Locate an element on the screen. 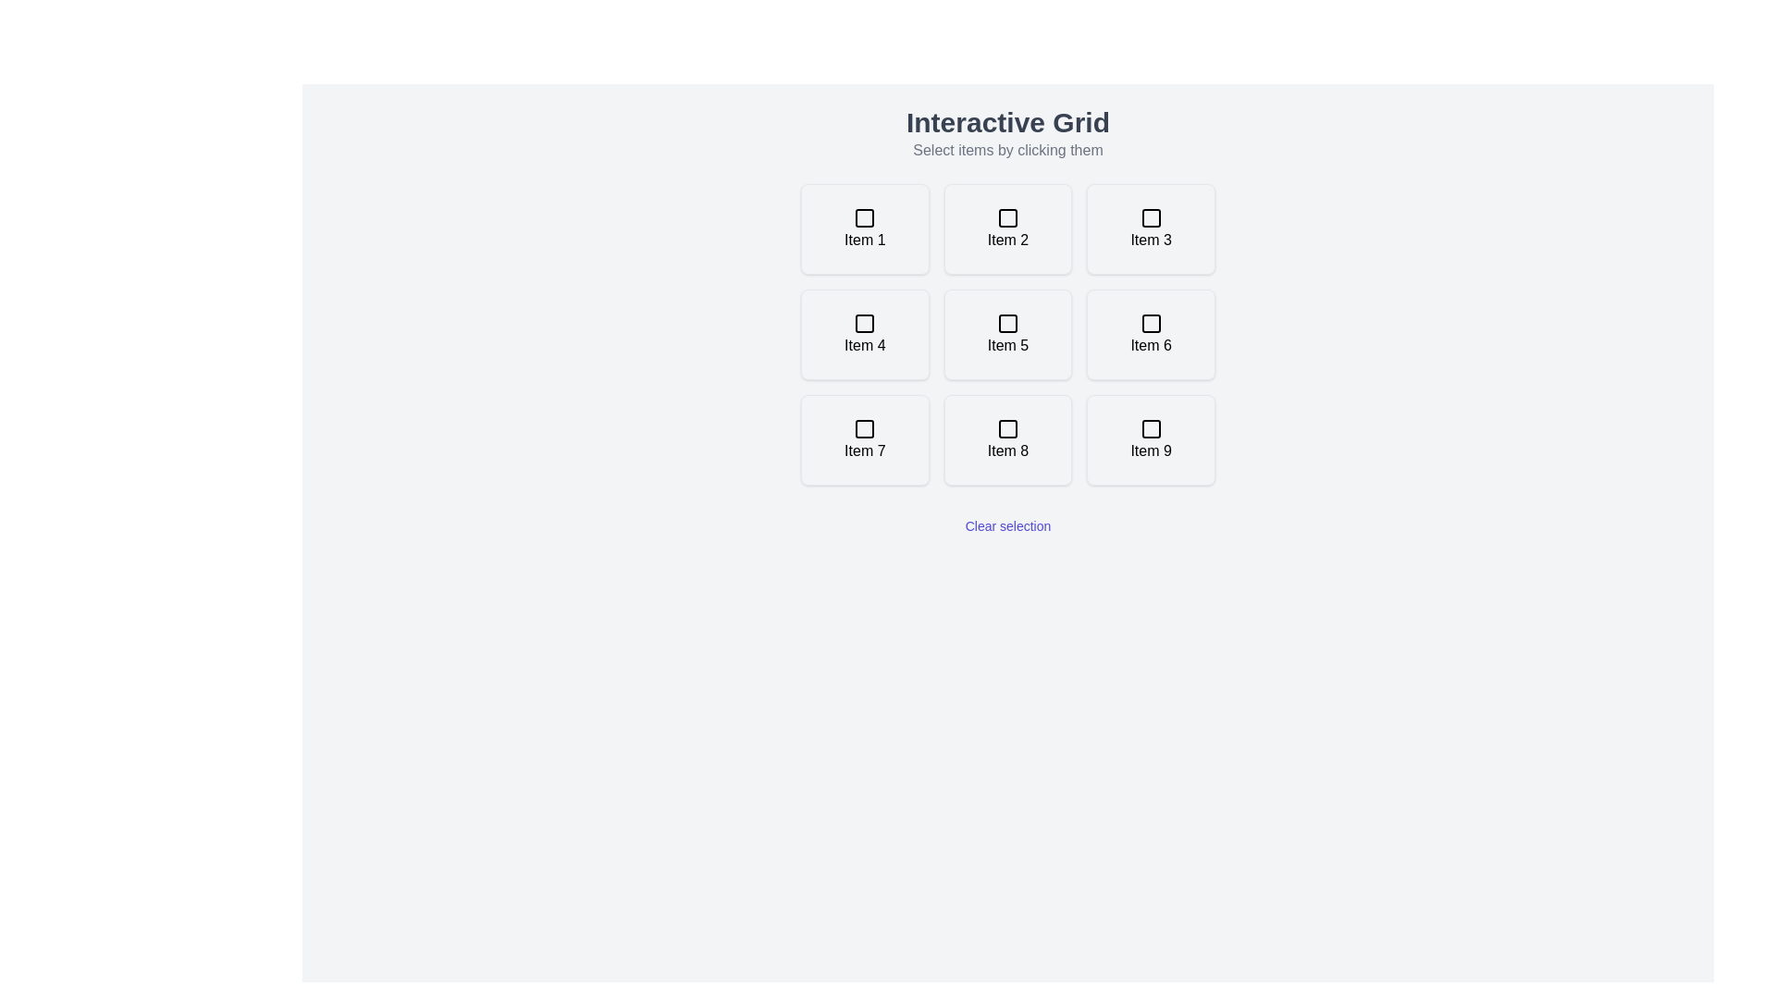 The width and height of the screenshot is (1776, 999). the icon located at the center of the 'Item 1' button in the top-left position of the 3x3 grid is located at coordinates (864, 216).